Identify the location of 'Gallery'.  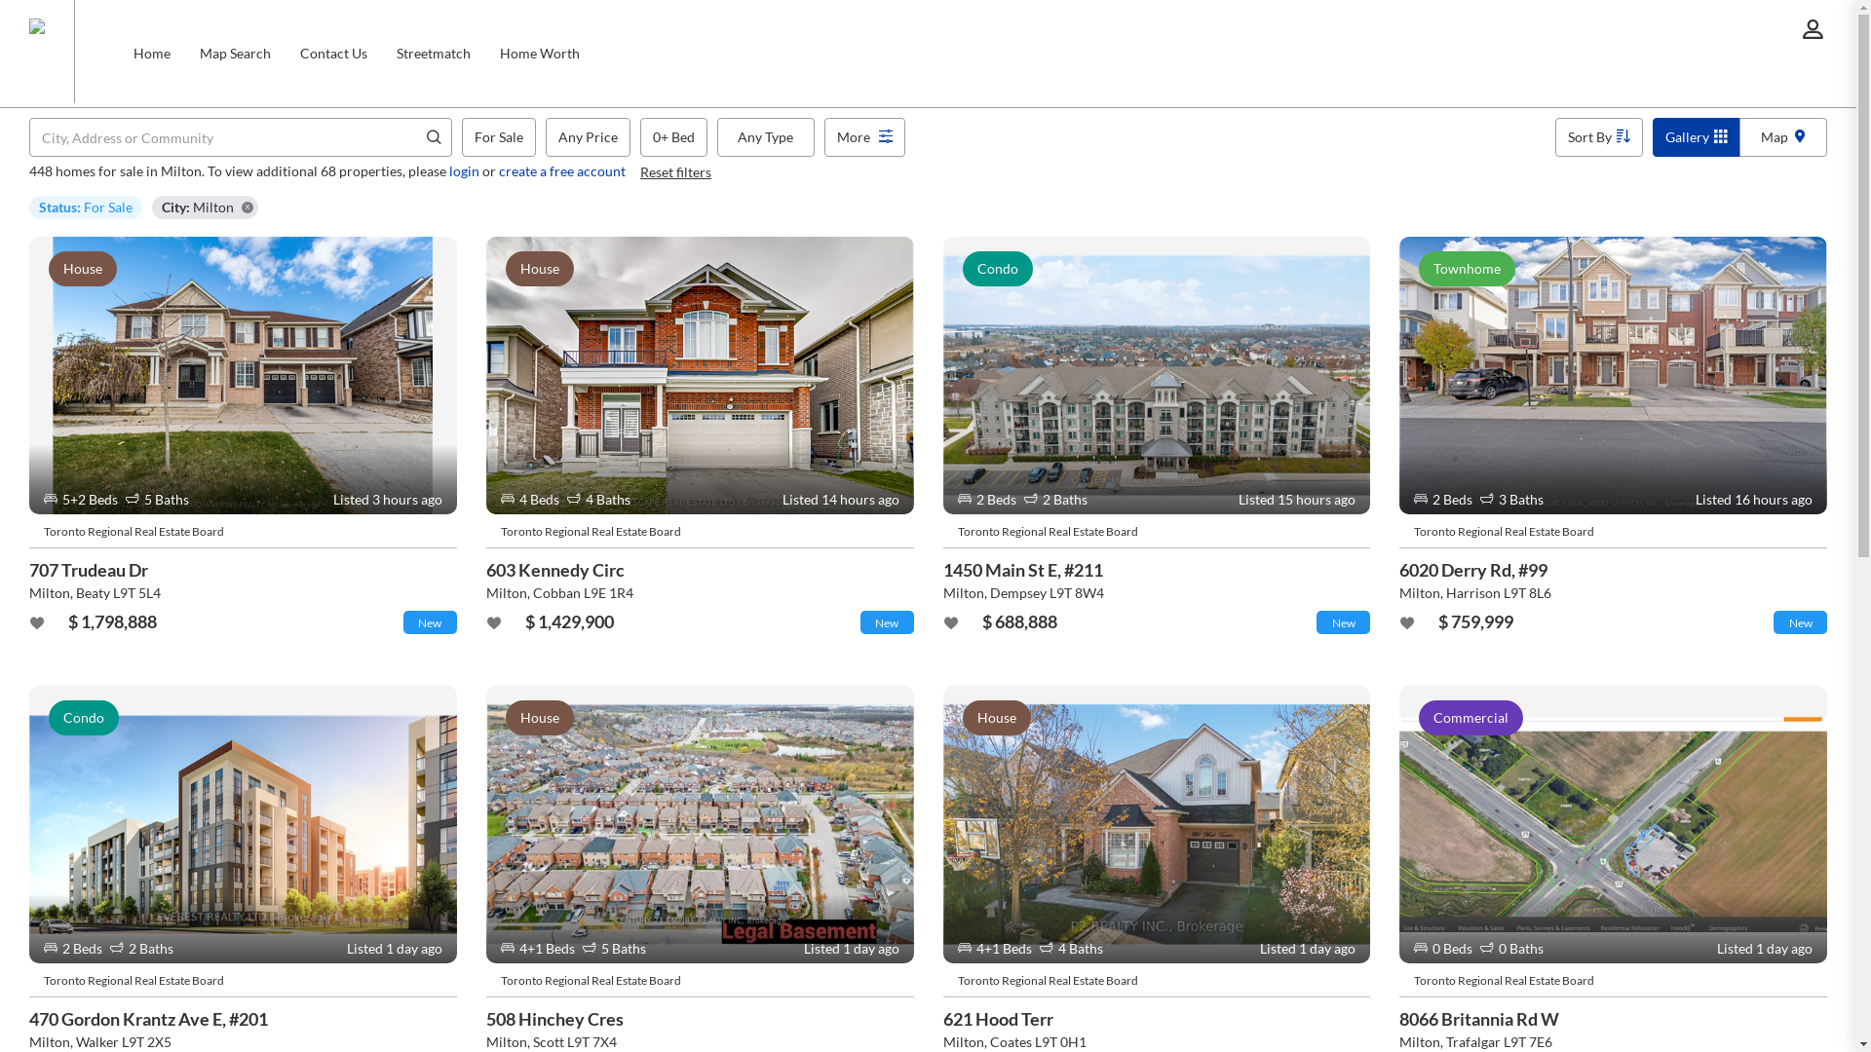
(1696, 136).